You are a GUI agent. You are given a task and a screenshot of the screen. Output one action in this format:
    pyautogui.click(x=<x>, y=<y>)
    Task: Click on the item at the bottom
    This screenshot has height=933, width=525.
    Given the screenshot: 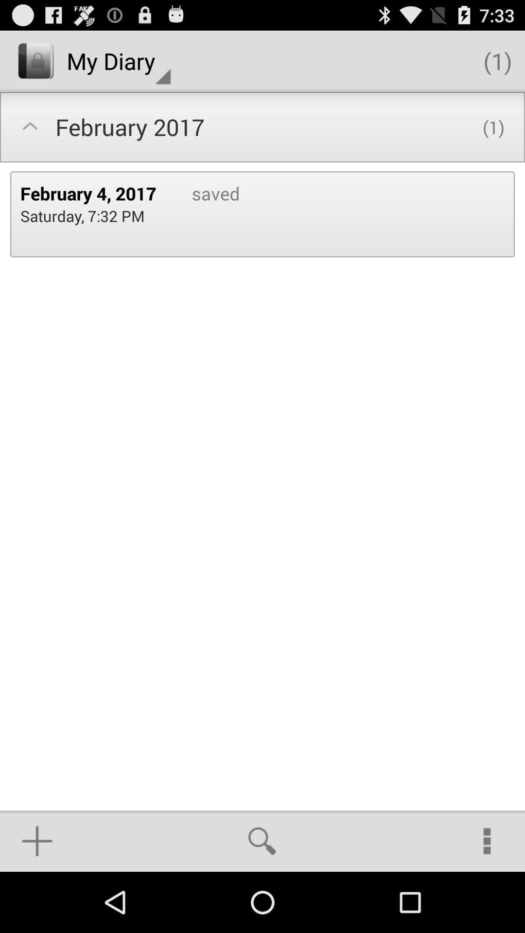 What is the action you would take?
    pyautogui.click(x=262, y=841)
    